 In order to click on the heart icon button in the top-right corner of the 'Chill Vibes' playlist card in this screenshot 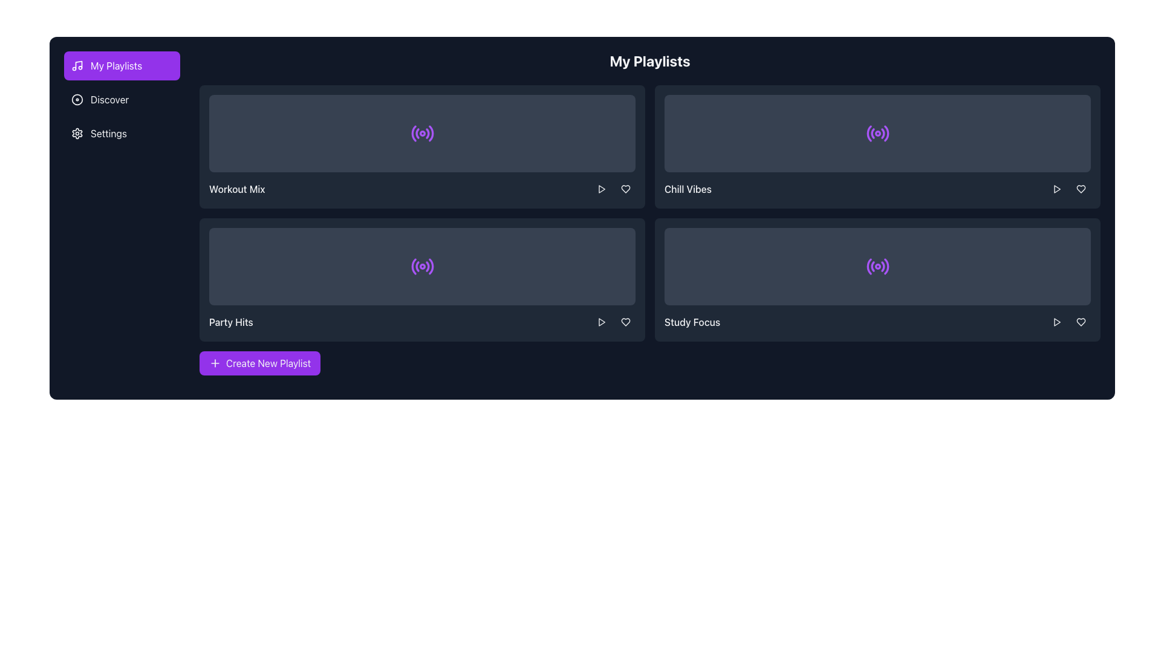, I will do `click(1081, 189)`.